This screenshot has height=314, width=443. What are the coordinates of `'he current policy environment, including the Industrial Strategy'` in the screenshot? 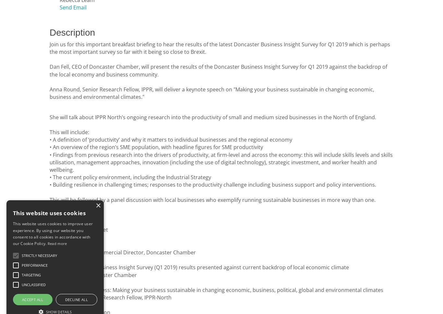 It's located at (133, 177).